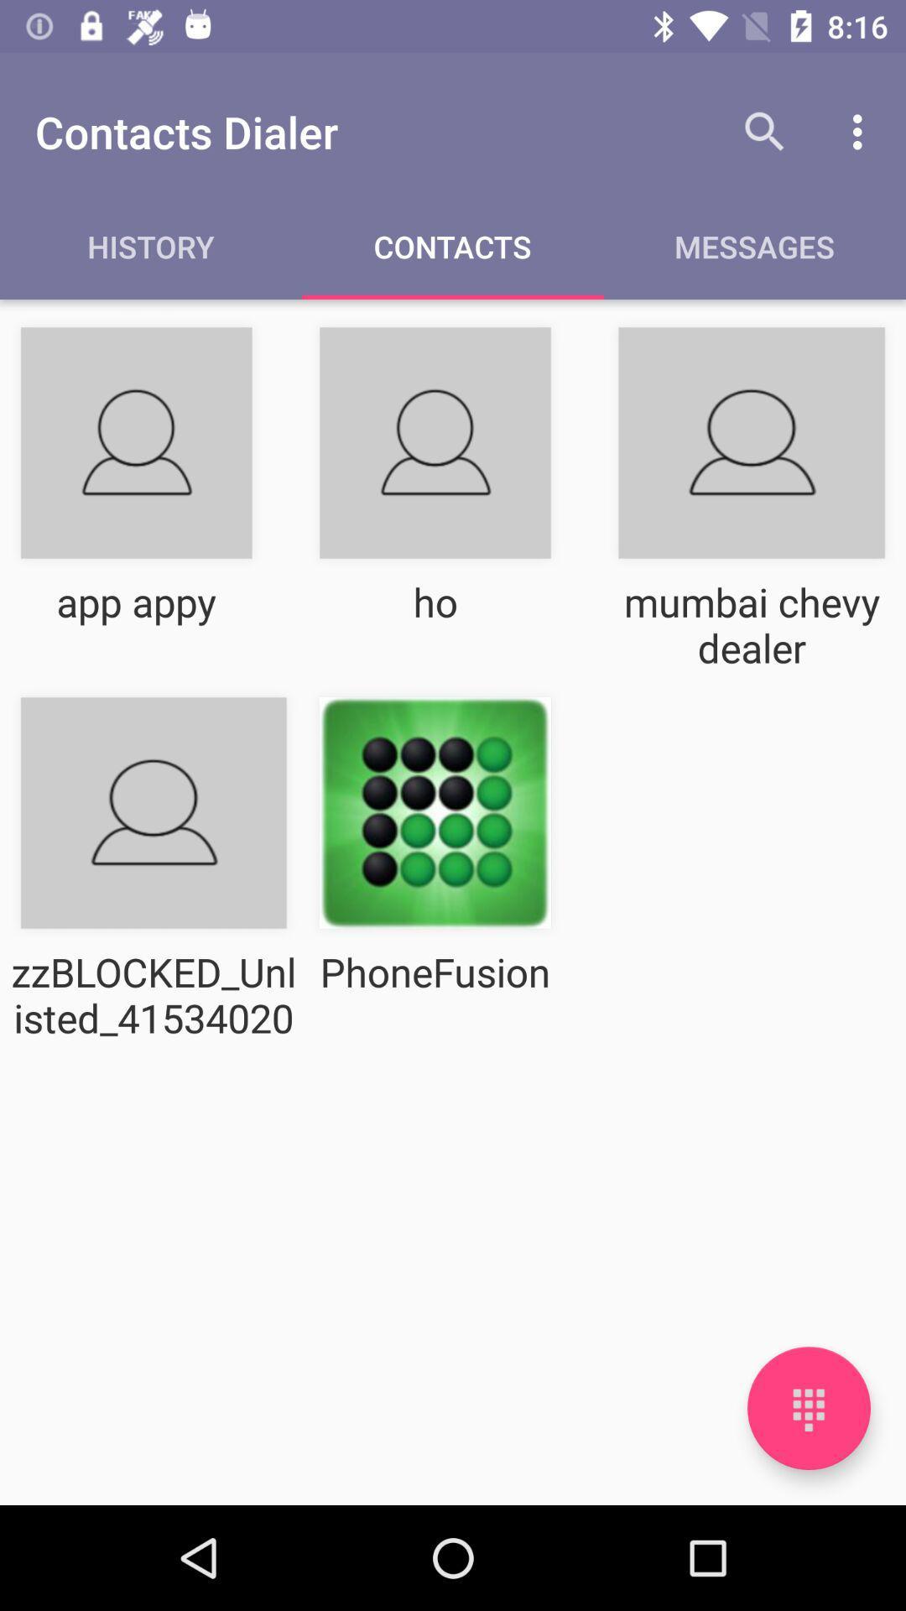 Image resolution: width=906 pixels, height=1611 pixels. Describe the element at coordinates (808, 1408) in the screenshot. I see `icon below the mumbai chevy dealer icon` at that location.